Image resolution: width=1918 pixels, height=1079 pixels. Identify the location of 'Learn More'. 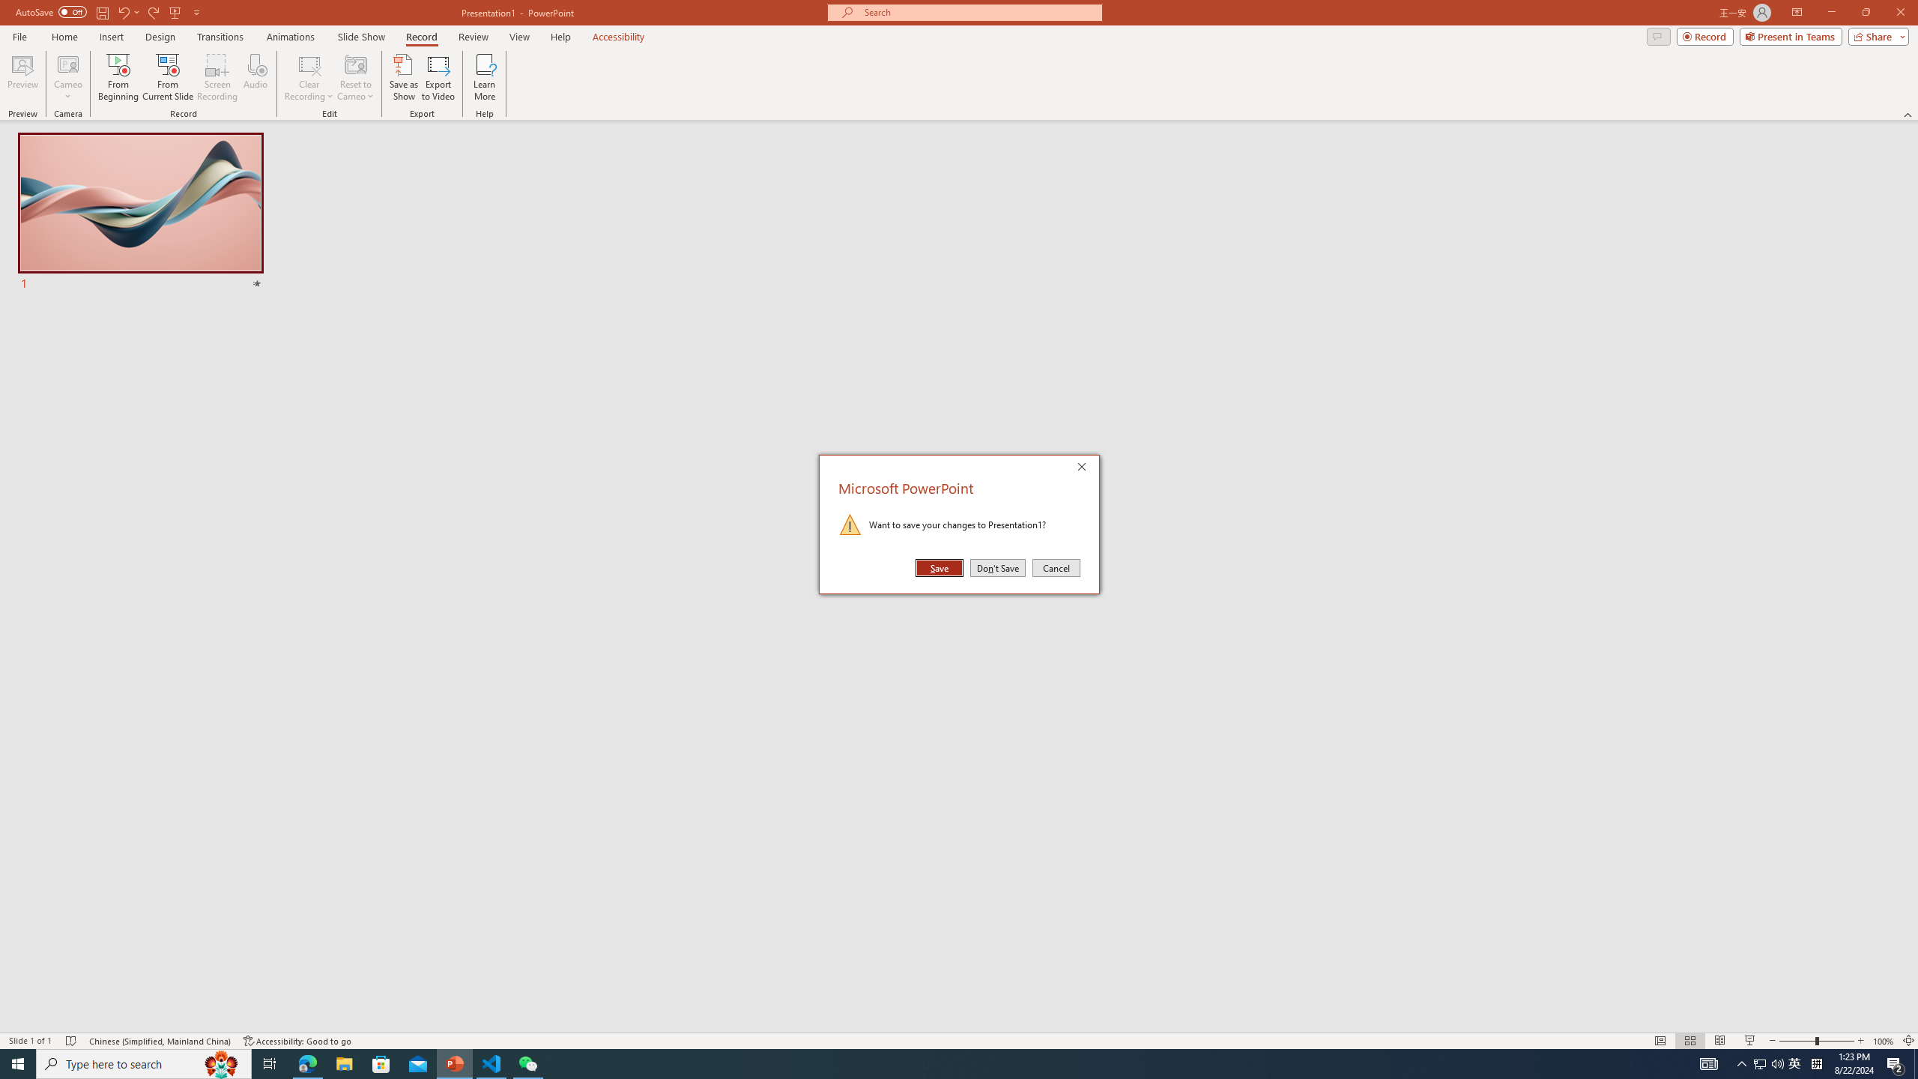
(485, 77).